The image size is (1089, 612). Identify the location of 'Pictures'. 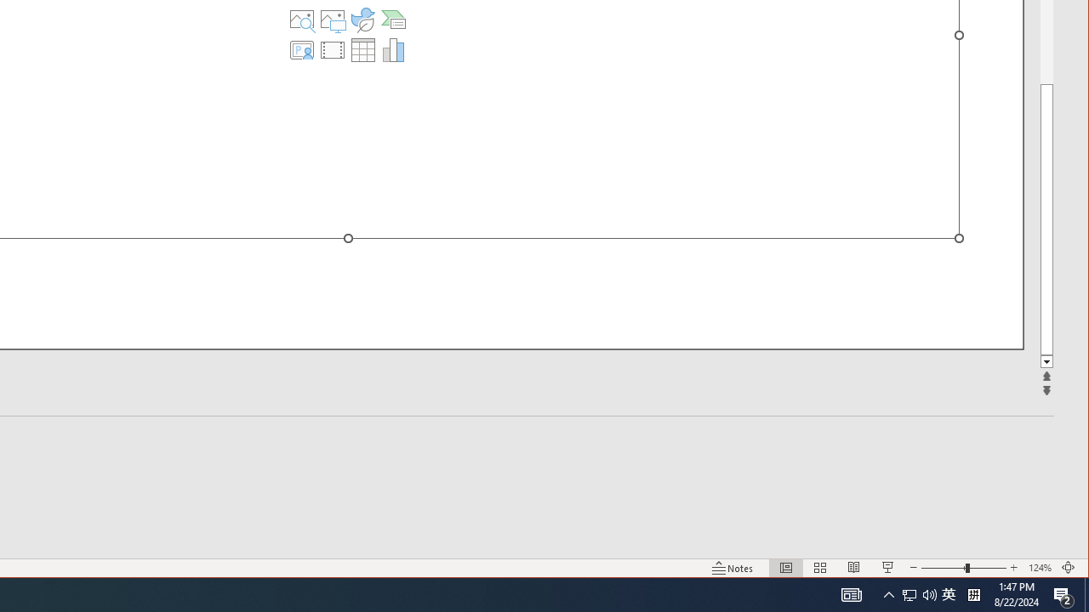
(333, 20).